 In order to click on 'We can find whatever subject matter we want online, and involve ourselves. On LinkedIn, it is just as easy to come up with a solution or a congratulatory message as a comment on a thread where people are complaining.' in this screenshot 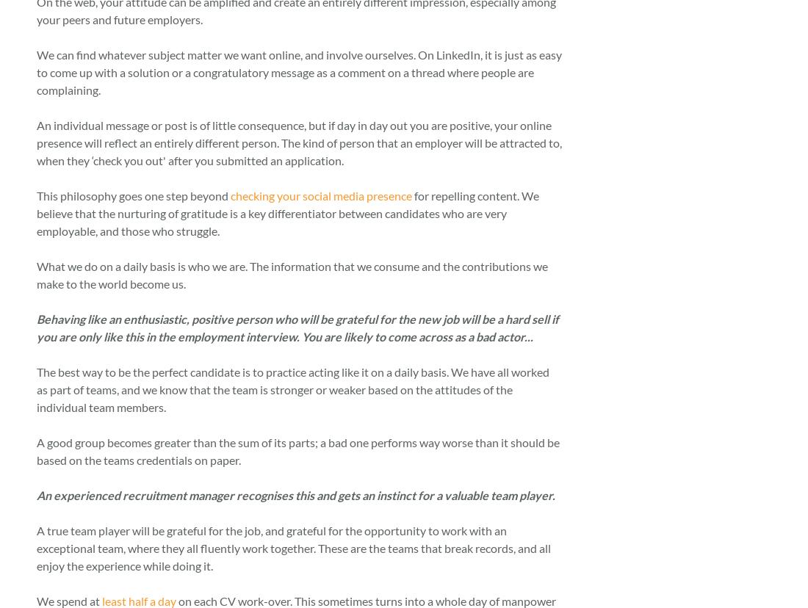, I will do `click(299, 71)`.